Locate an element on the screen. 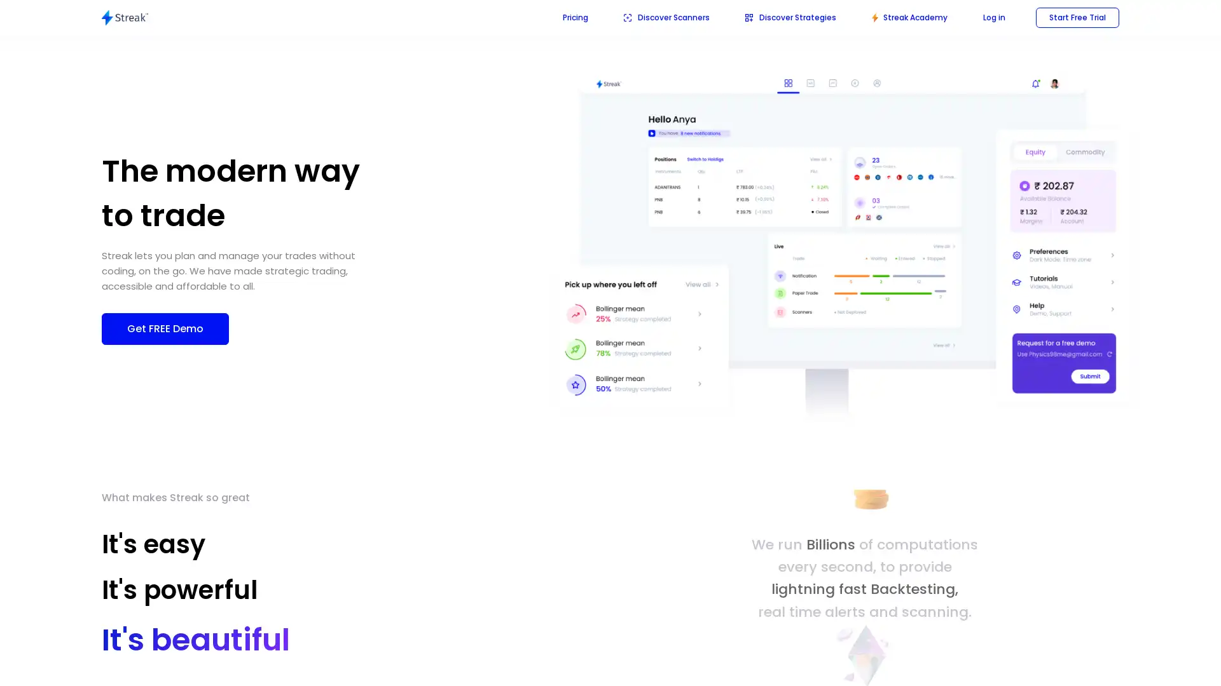 The height and width of the screenshot is (686, 1221). It's powerful is located at coordinates (193, 594).